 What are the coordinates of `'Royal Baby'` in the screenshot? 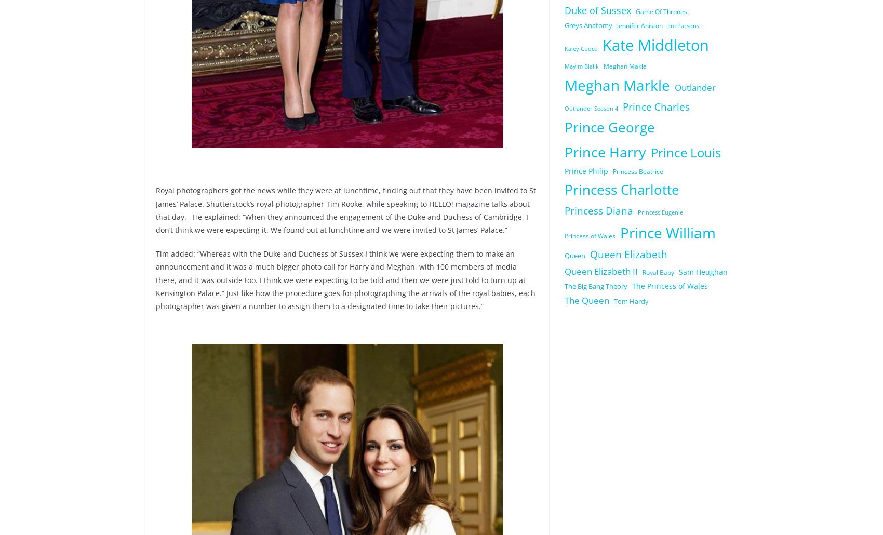 It's located at (641, 272).